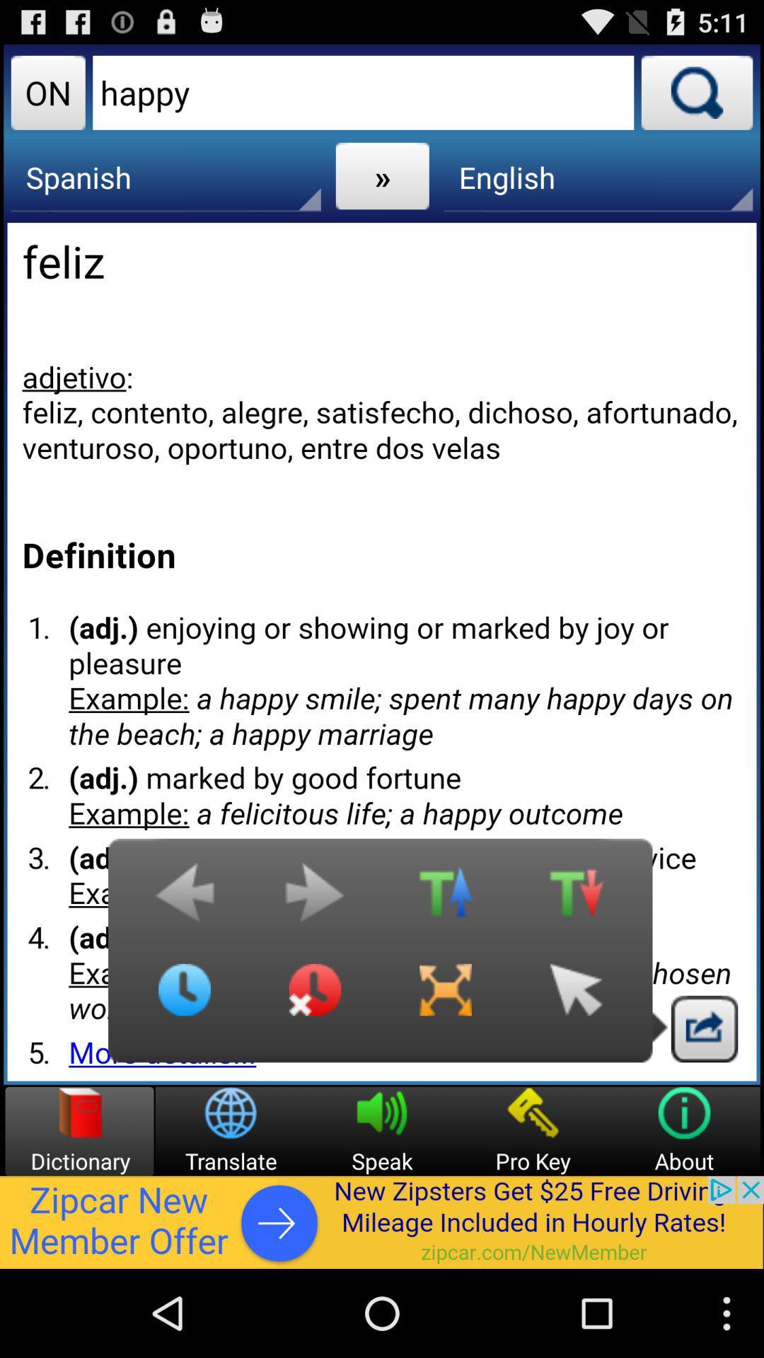 This screenshot has width=764, height=1358. What do you see at coordinates (314, 1000) in the screenshot?
I see `set an alarm` at bounding box center [314, 1000].